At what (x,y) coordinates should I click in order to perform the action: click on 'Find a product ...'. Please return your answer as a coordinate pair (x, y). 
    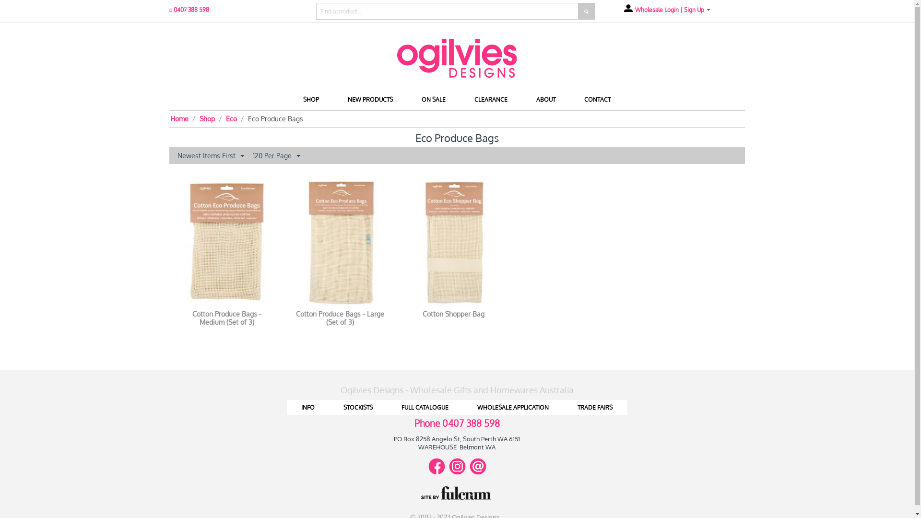
    Looking at the image, I should click on (448, 11).